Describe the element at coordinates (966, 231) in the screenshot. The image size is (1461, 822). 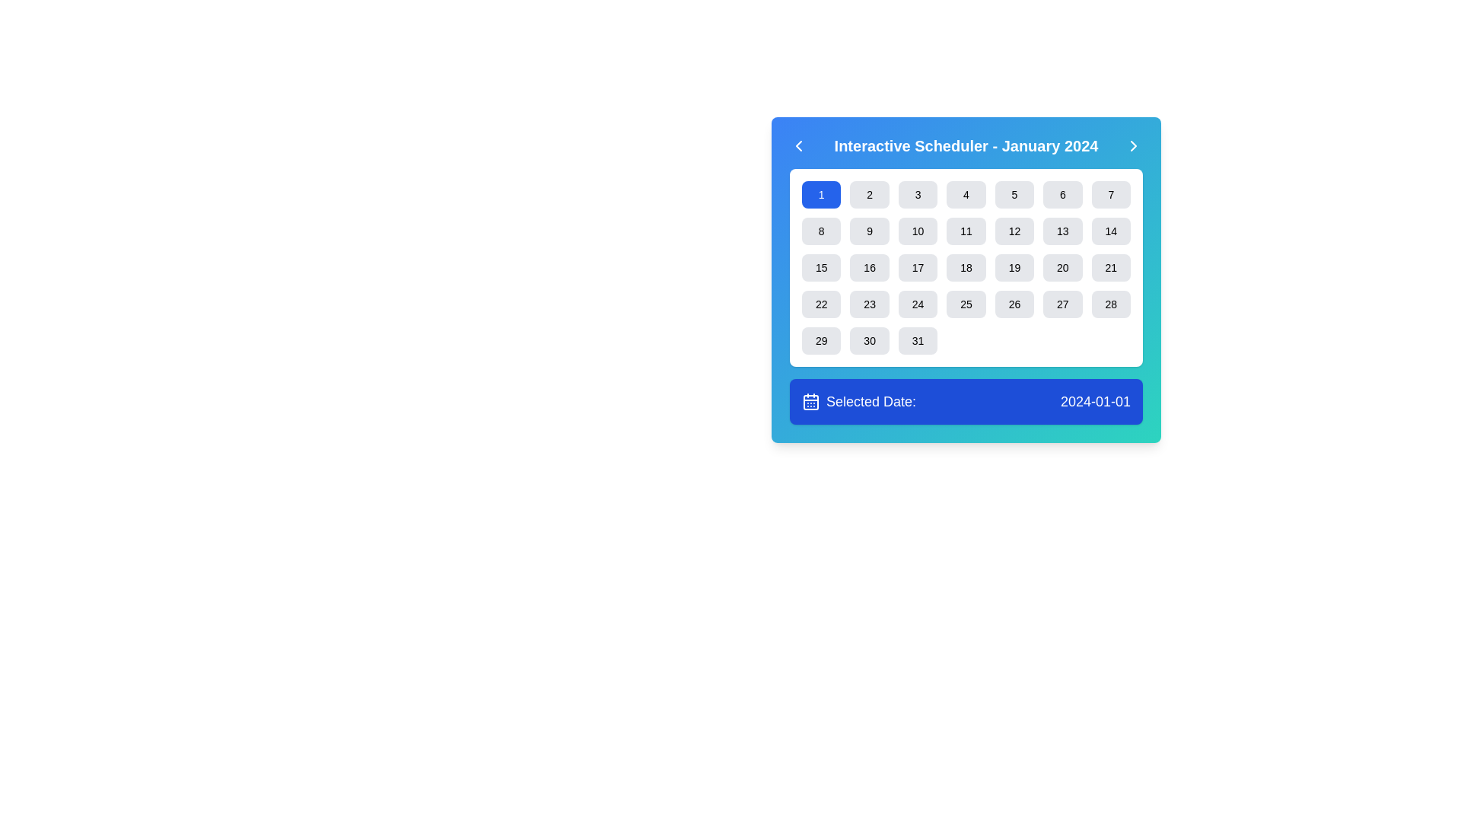
I see `the button representing the specific date in the second row and fourth column of the calendar grid` at that location.